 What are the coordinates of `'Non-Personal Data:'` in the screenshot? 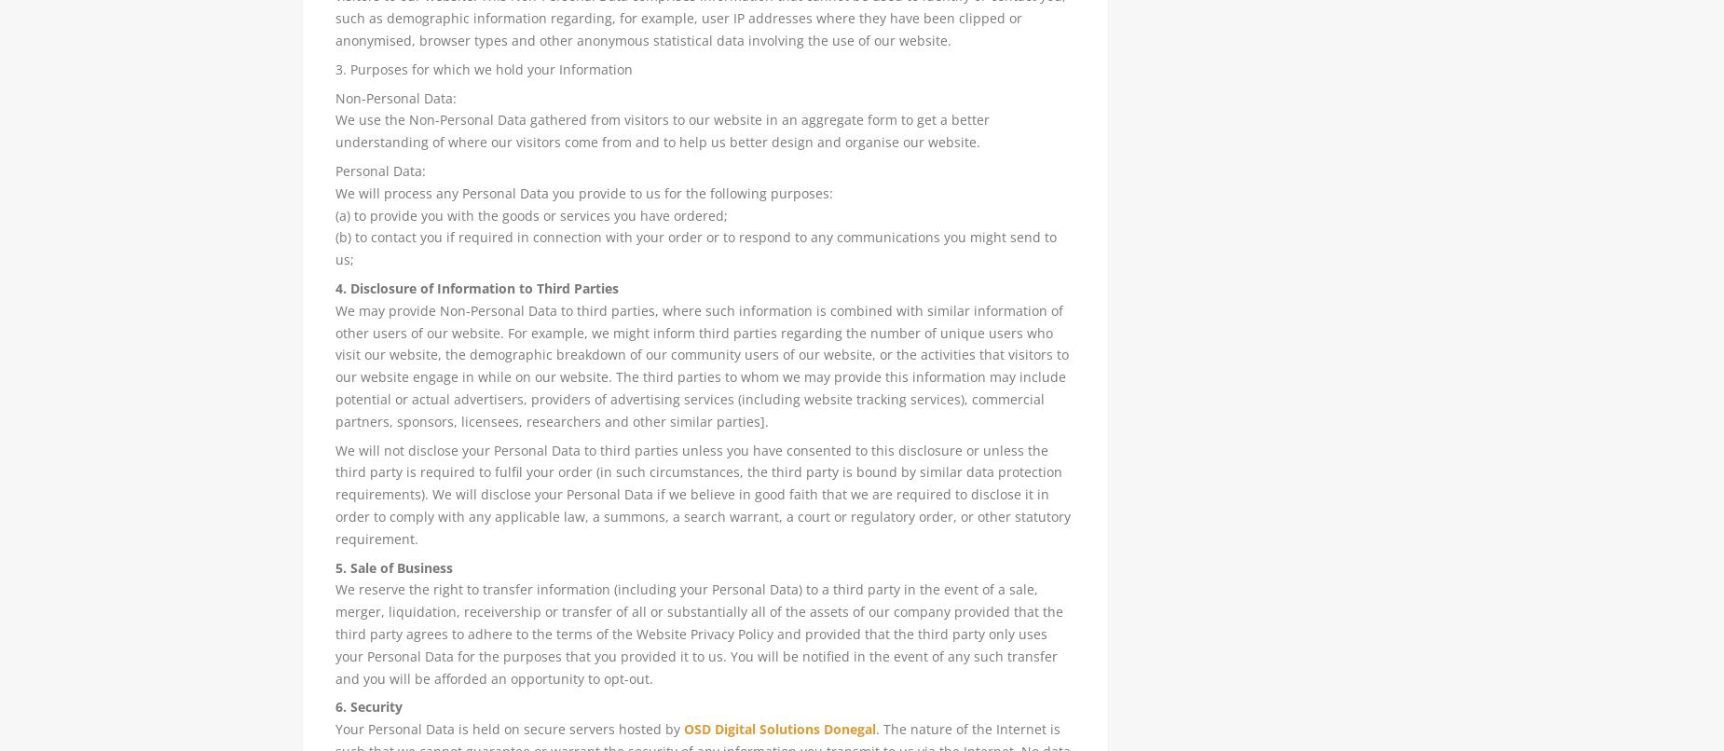 It's located at (394, 96).